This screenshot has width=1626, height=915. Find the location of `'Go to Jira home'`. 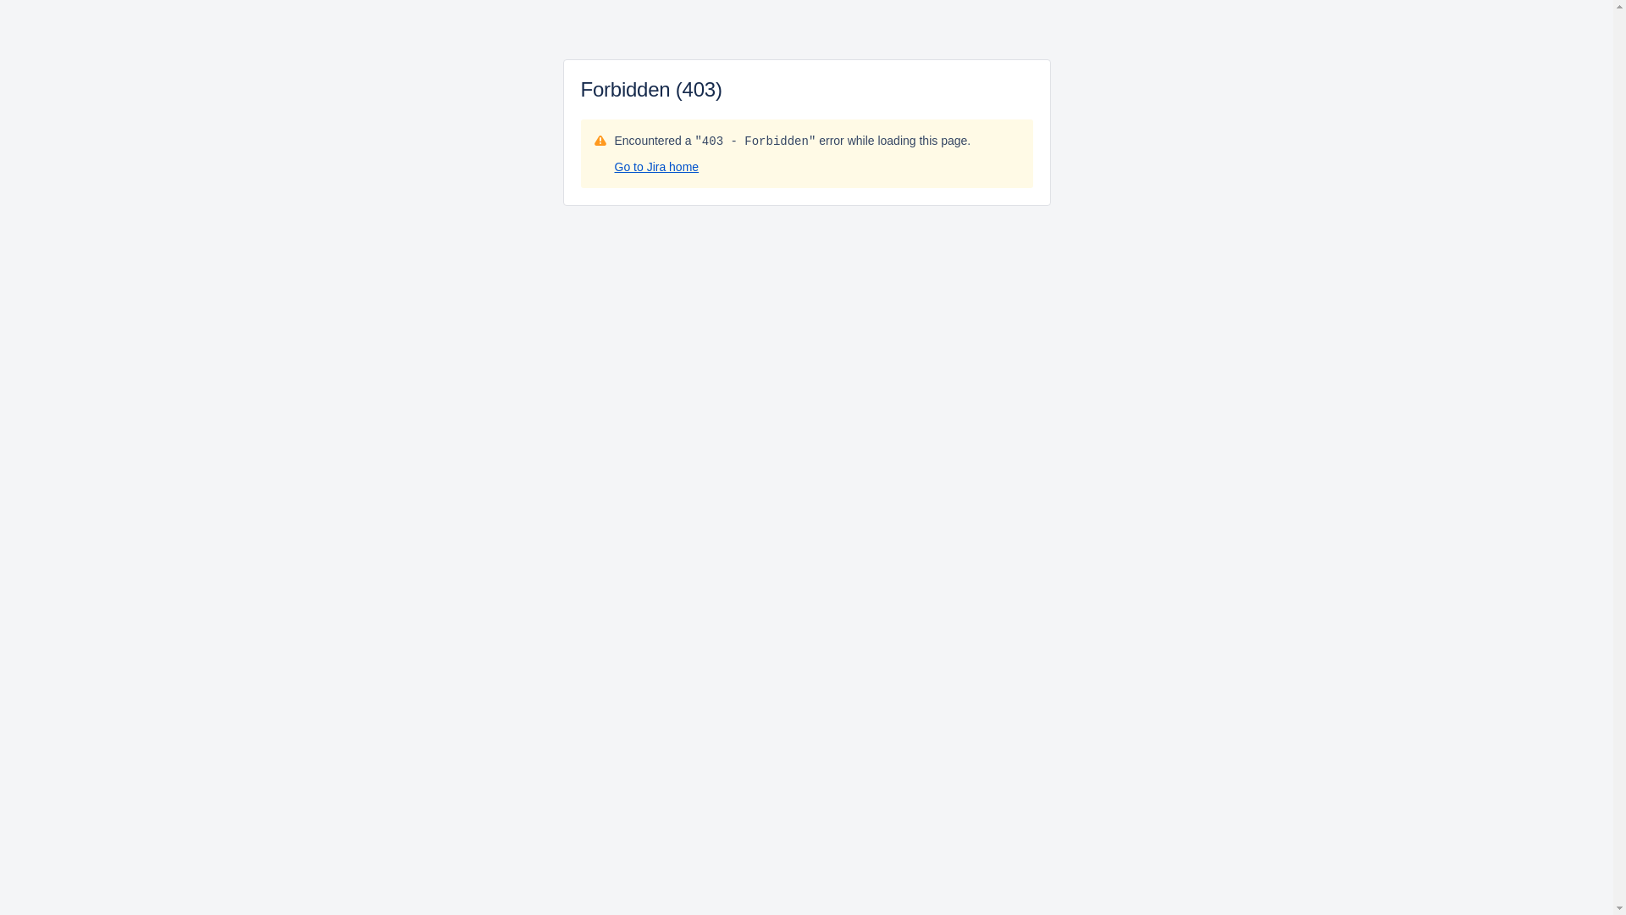

'Go to Jira home' is located at coordinates (613, 166).